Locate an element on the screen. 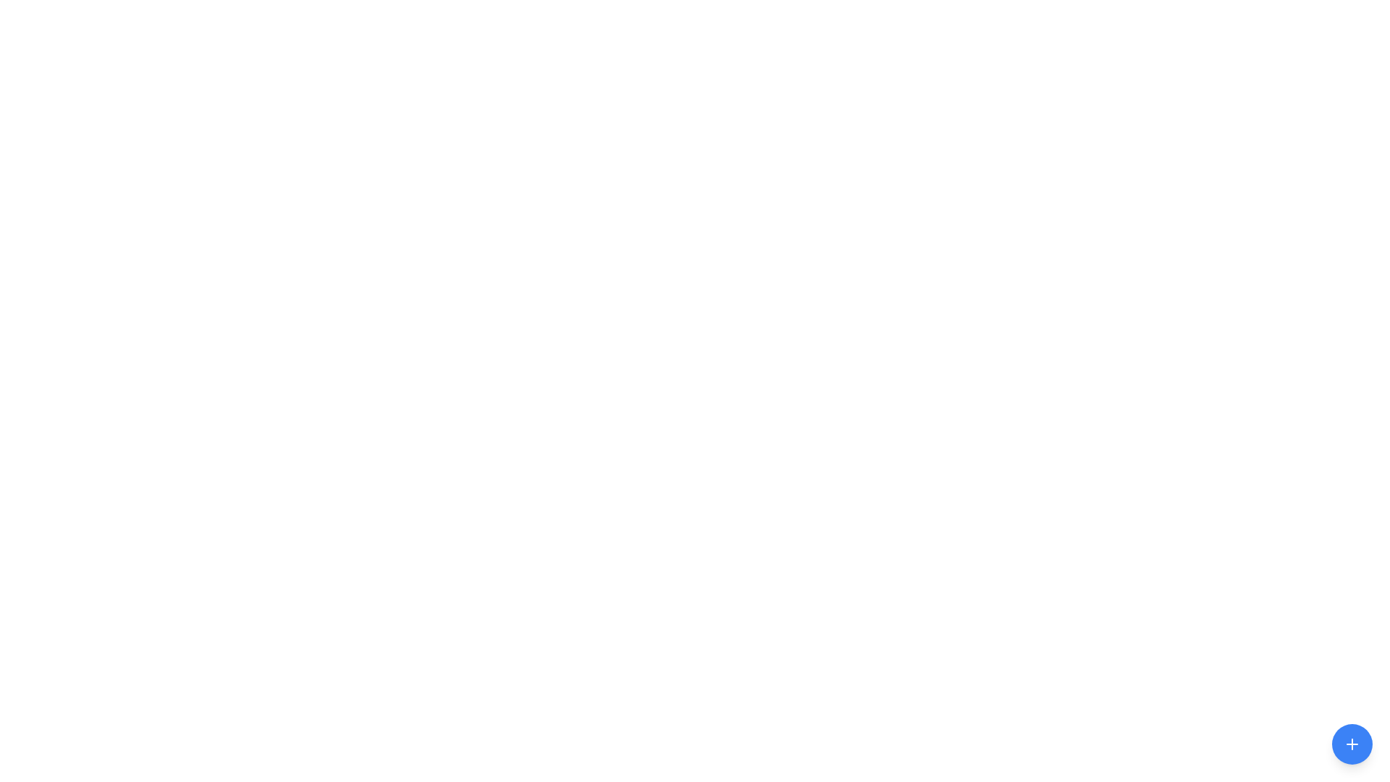 This screenshot has height=782, width=1390. the blue circular plus icon located in the bottom-right corner of the interface is located at coordinates (1351, 744).